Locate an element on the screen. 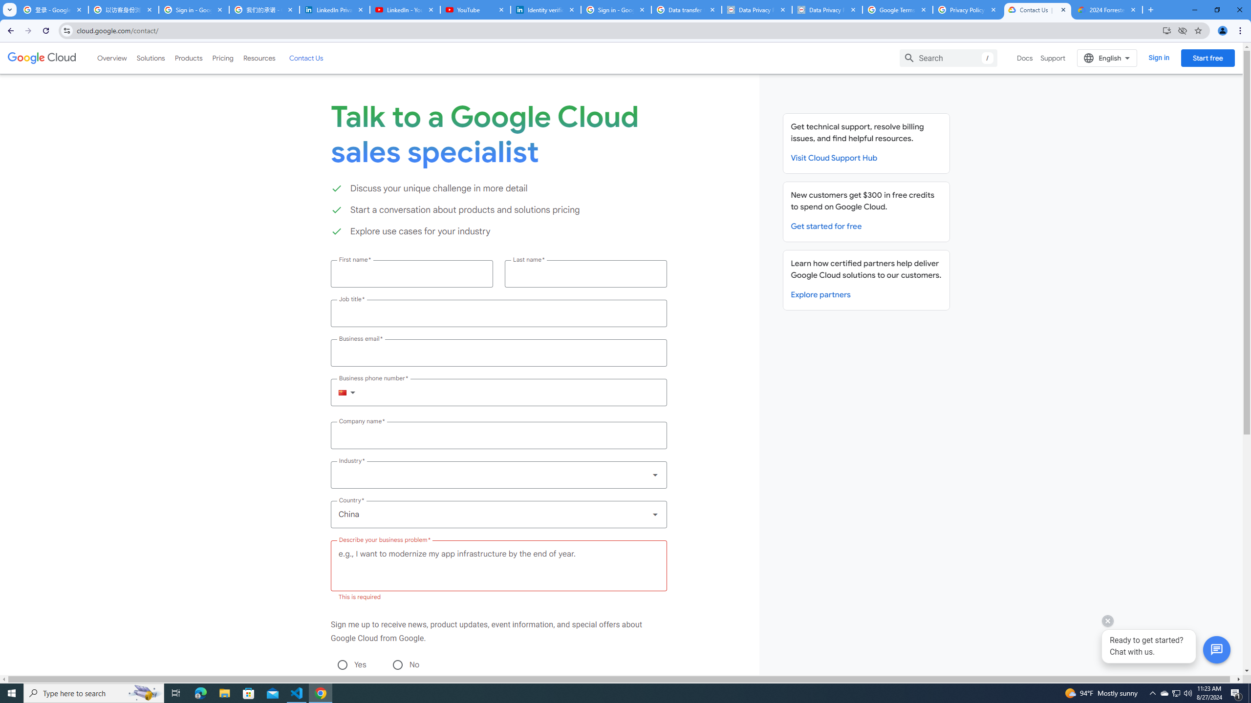 Image resolution: width=1251 pixels, height=703 pixels. 'Contact Us' is located at coordinates (305, 58).